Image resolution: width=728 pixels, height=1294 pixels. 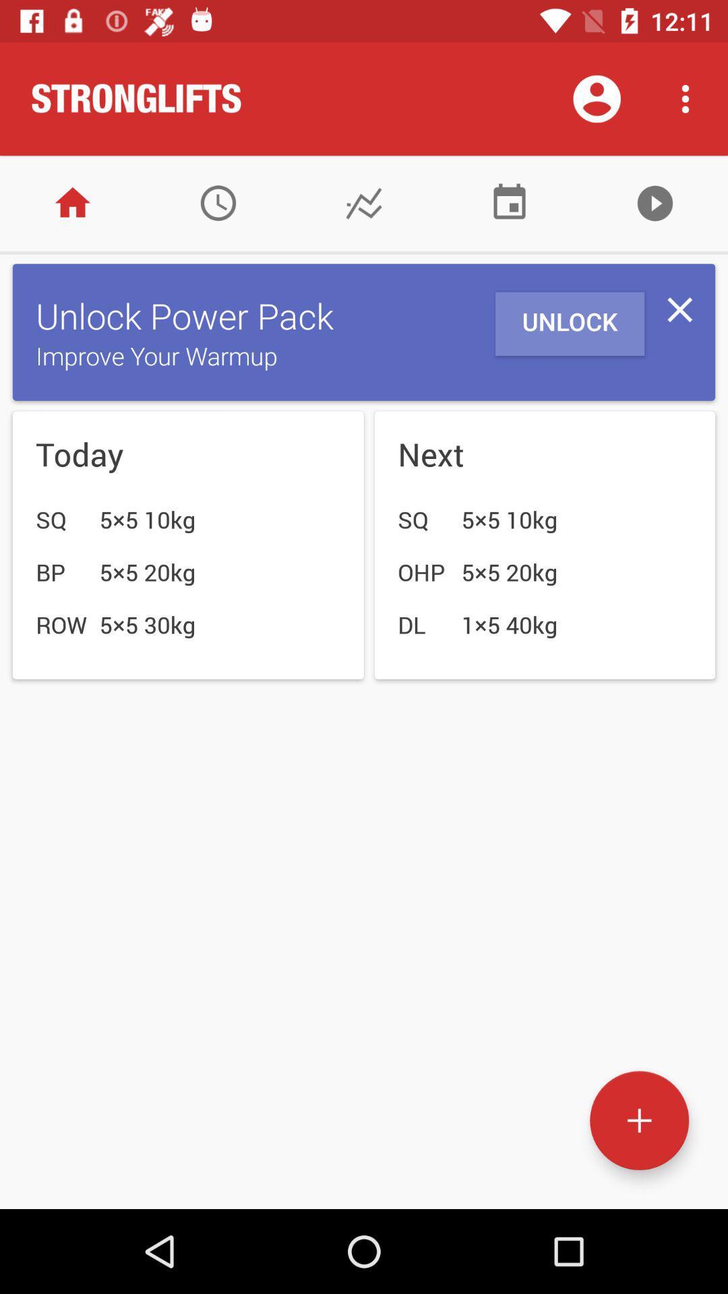 What do you see at coordinates (679, 309) in the screenshot?
I see `the icon to the right of the unlock item` at bounding box center [679, 309].